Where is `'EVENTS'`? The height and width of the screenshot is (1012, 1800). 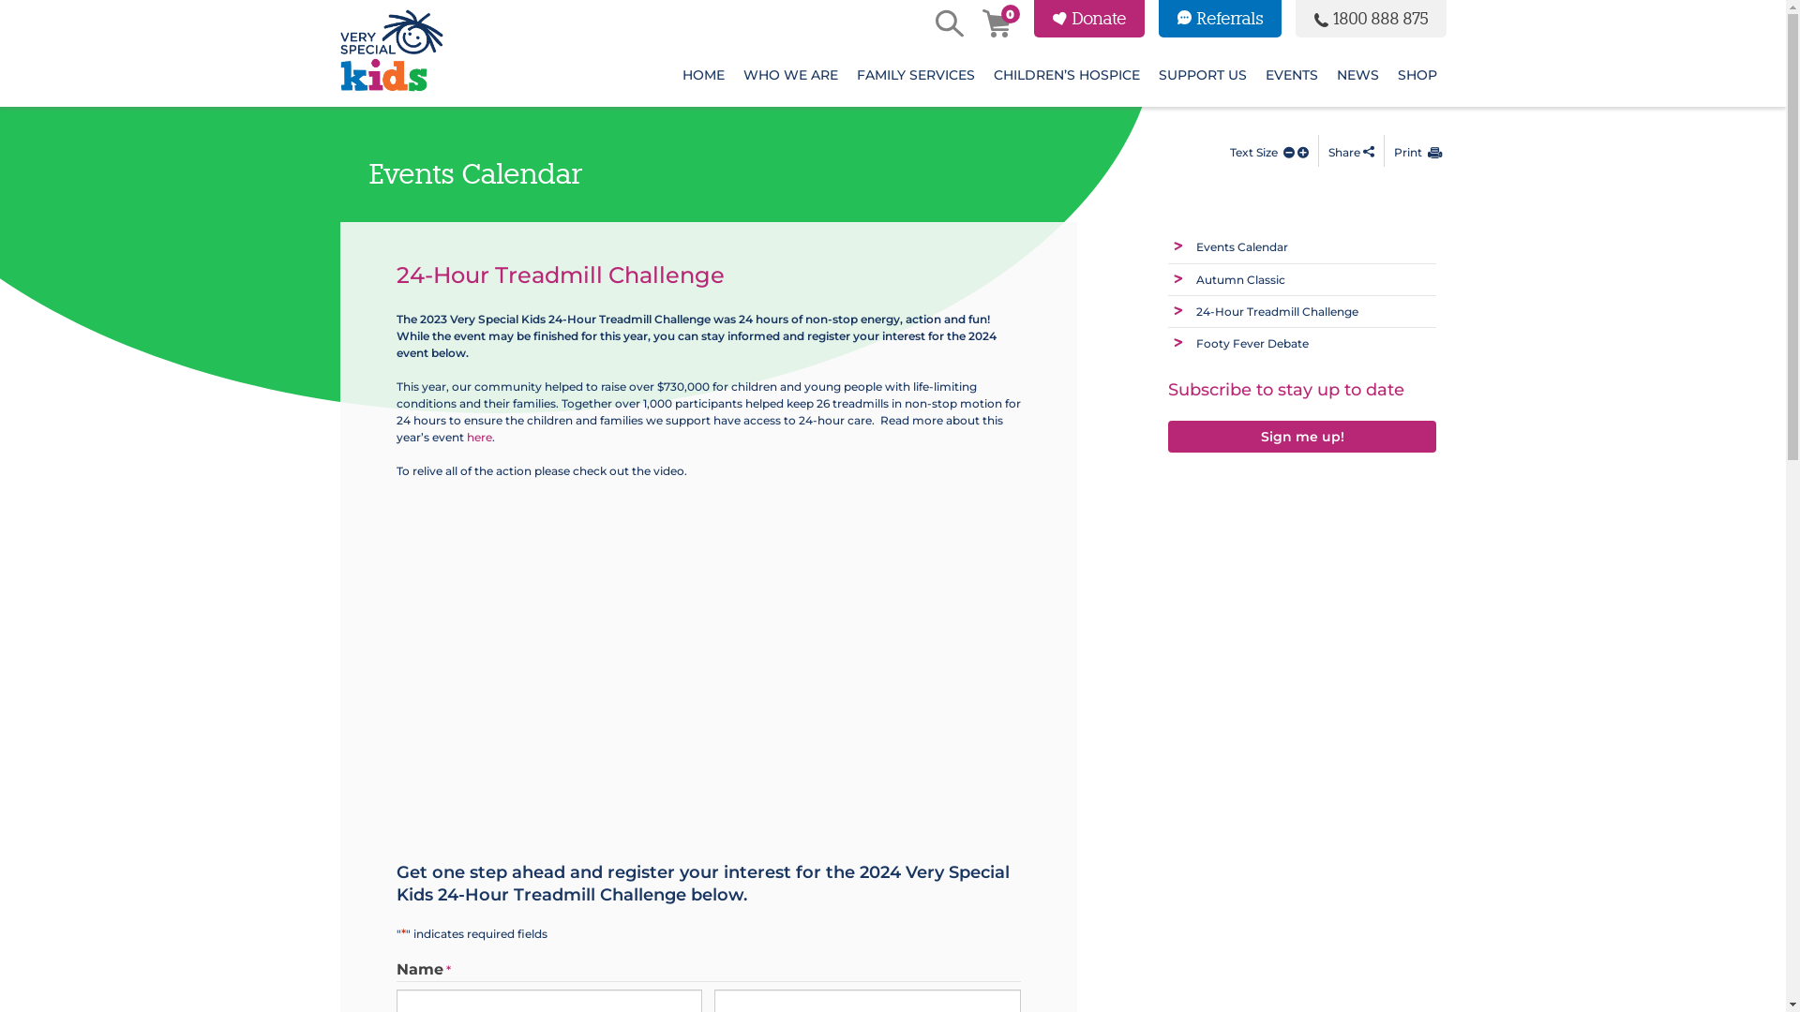 'EVENTS' is located at coordinates (1290, 74).